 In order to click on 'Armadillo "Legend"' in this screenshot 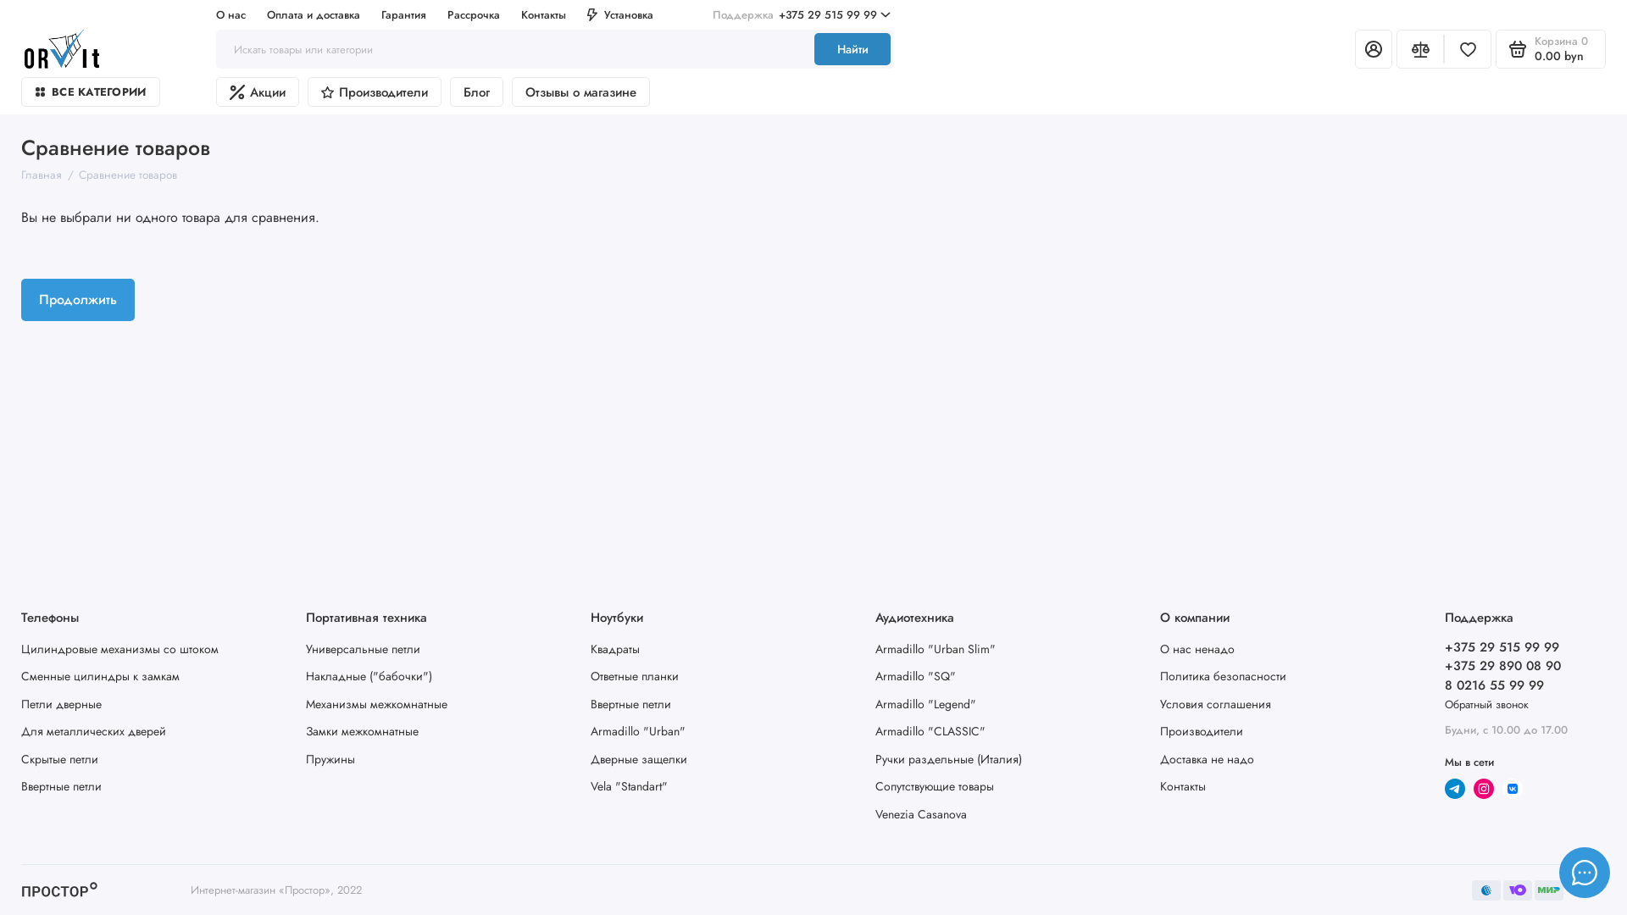, I will do `click(875, 702)`.